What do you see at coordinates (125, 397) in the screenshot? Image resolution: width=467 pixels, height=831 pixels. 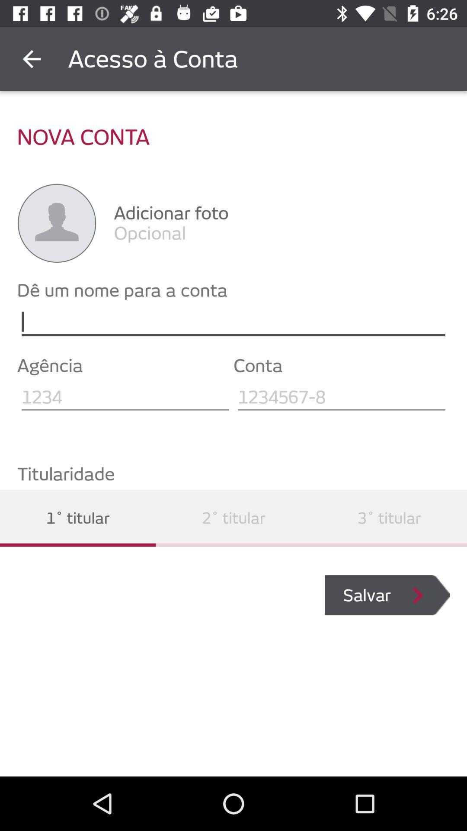 I see `zipcode` at bounding box center [125, 397].